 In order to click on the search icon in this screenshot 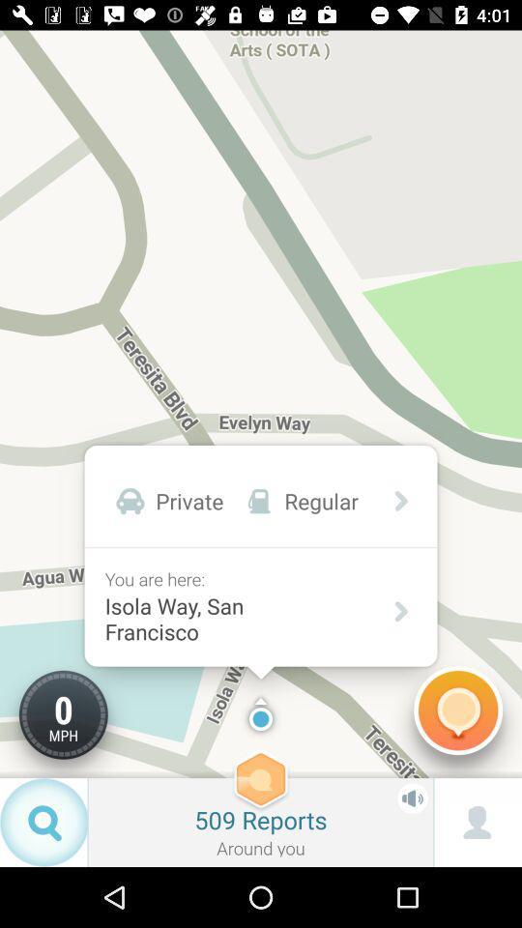, I will do `click(44, 822)`.